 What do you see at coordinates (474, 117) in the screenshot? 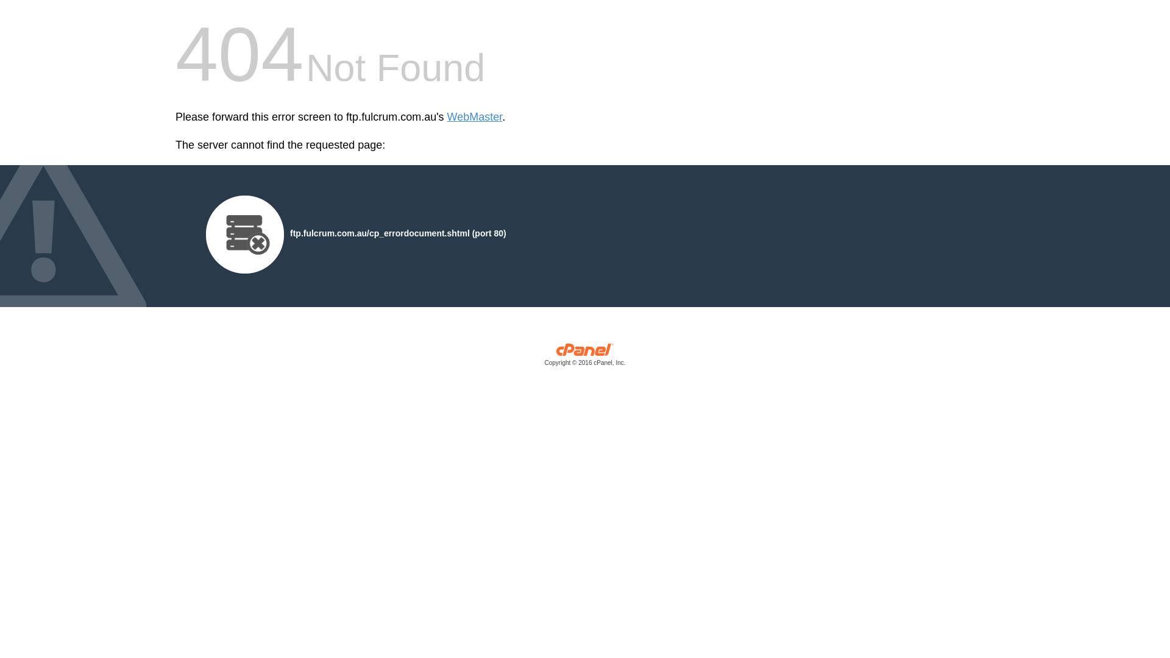
I see `'WebMaster'` at bounding box center [474, 117].